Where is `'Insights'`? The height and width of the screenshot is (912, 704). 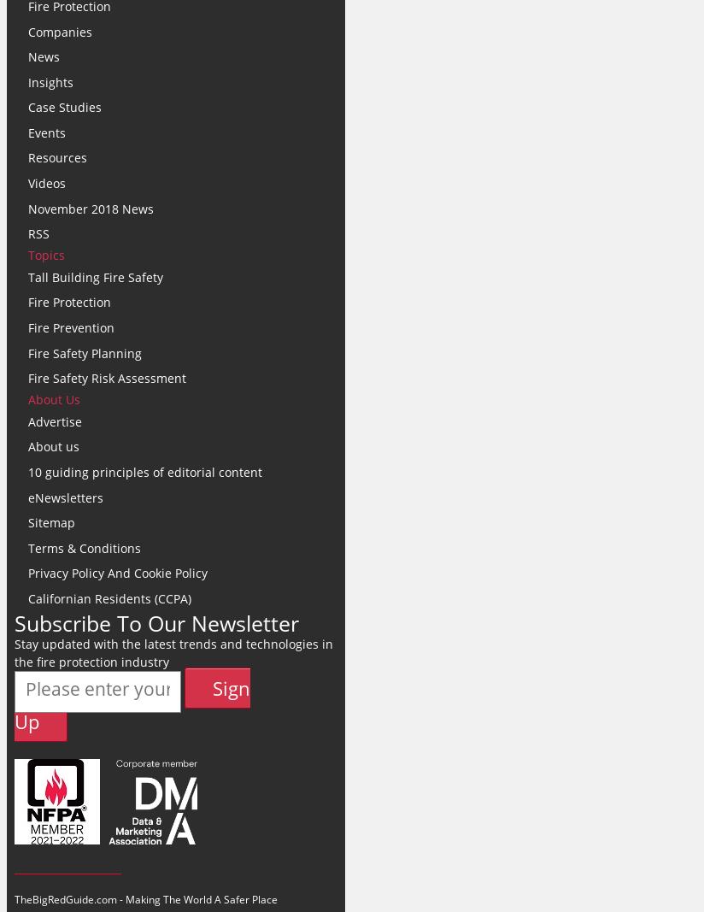
'Insights' is located at coordinates (50, 80).